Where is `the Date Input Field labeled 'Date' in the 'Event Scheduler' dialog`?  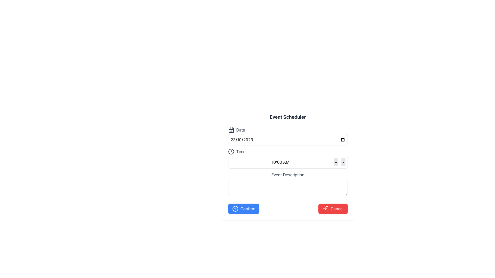 the Date Input Field labeled 'Date' in the 'Event Scheduler' dialog is located at coordinates (287, 136).